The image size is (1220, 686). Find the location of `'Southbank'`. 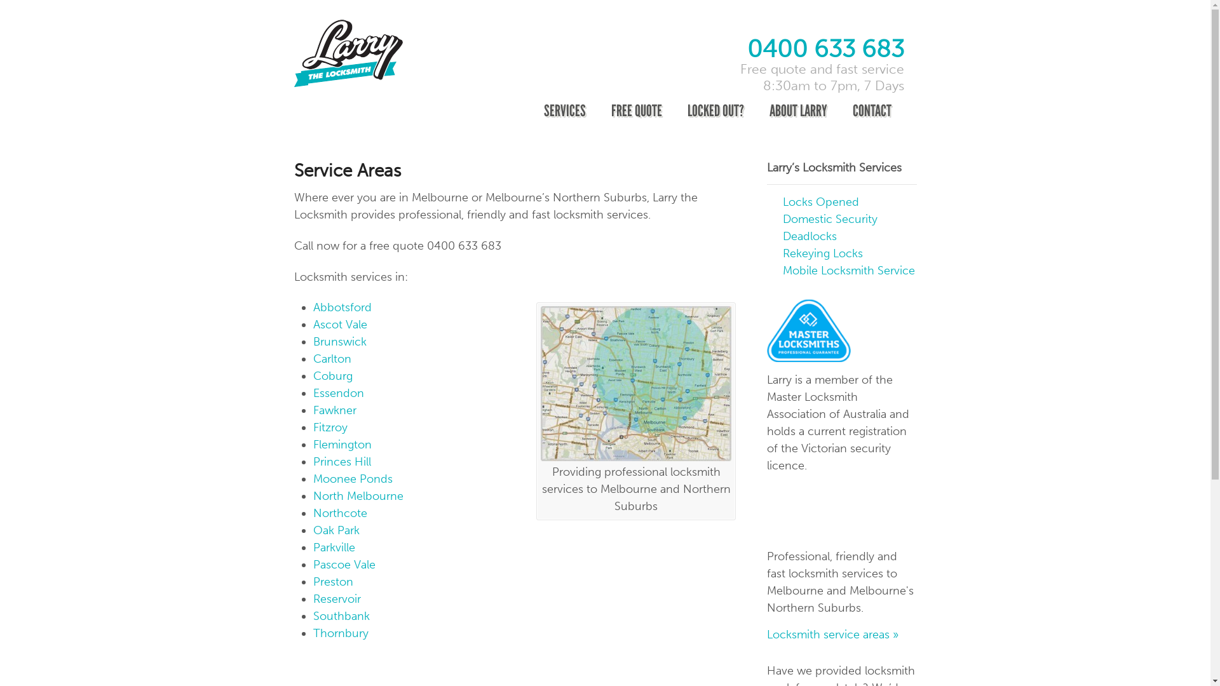

'Southbank' is located at coordinates (341, 615).